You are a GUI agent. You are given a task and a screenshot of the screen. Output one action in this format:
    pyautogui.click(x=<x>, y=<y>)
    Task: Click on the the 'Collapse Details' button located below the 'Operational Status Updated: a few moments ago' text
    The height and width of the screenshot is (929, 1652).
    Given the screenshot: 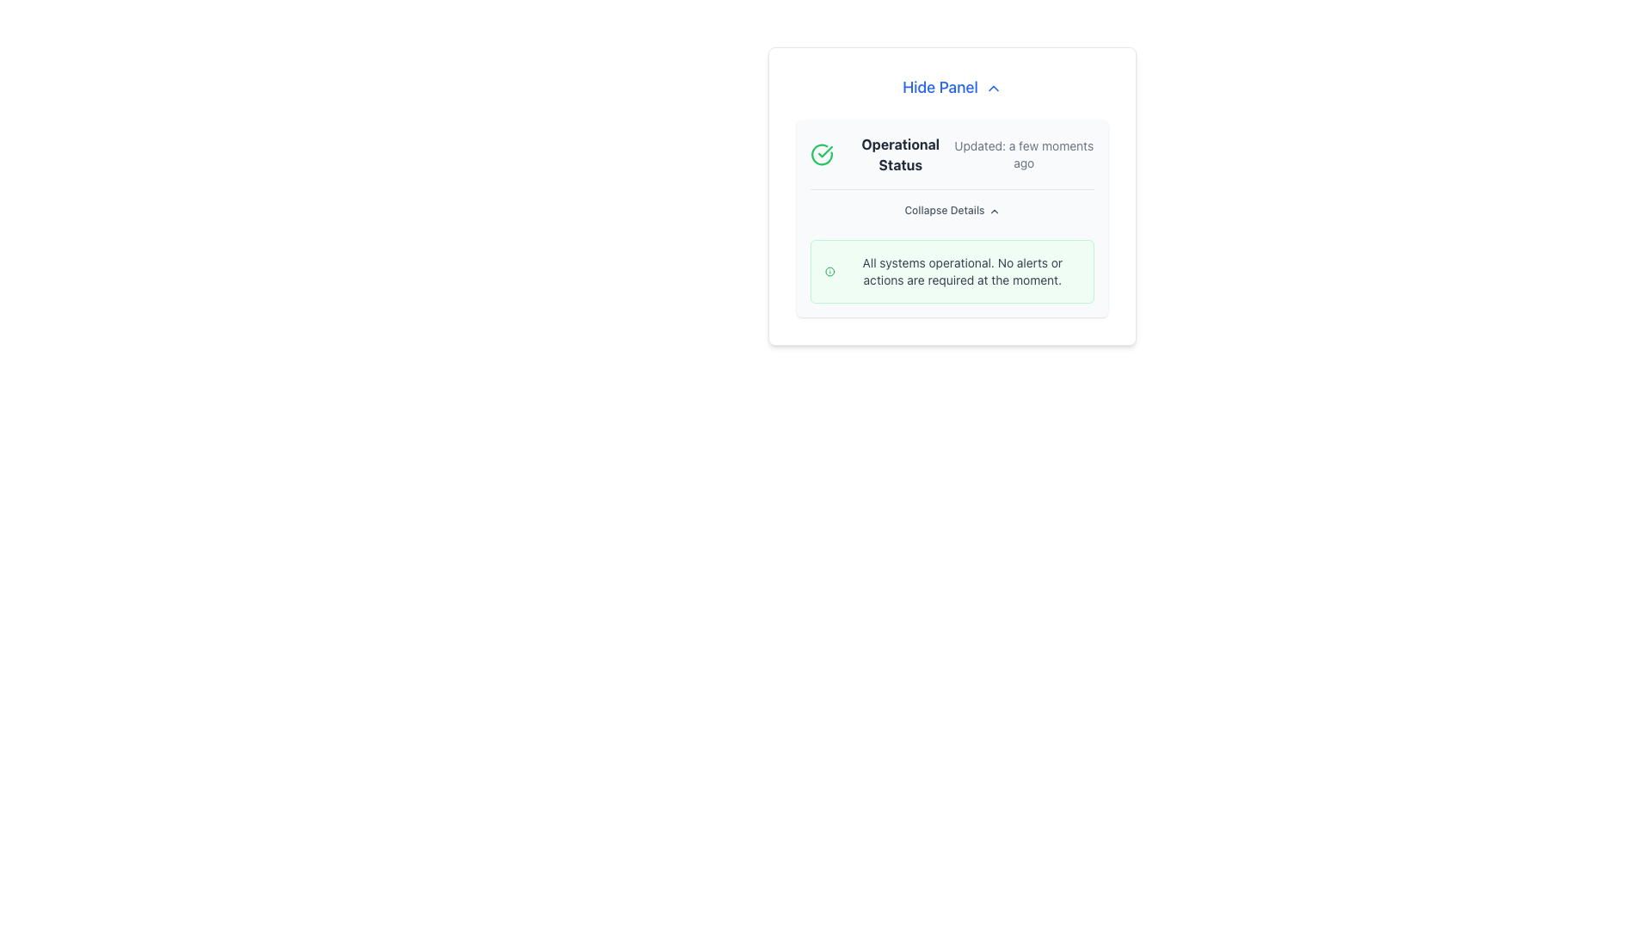 What is the action you would take?
    pyautogui.click(x=952, y=210)
    